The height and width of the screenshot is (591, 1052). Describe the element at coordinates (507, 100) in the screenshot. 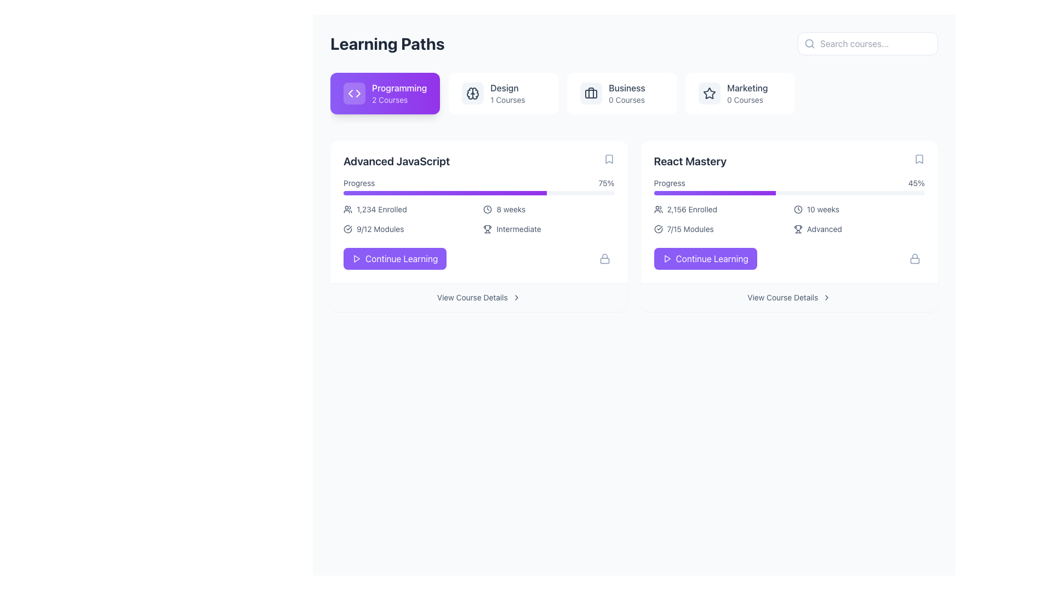

I see `the text display indicating the number of courses available under the 'Design' category, located beneath the 'Design' label in the upper row of the interface` at that location.